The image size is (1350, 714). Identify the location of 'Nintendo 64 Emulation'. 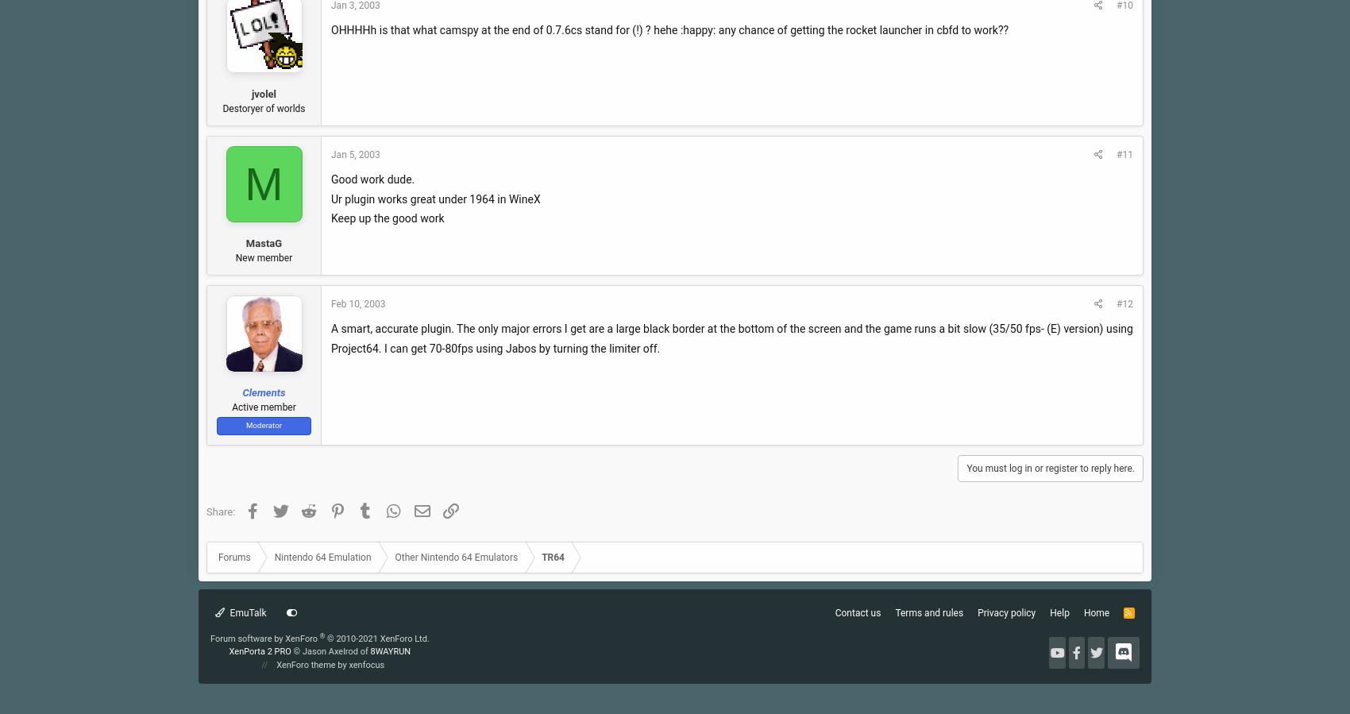
(321, 556).